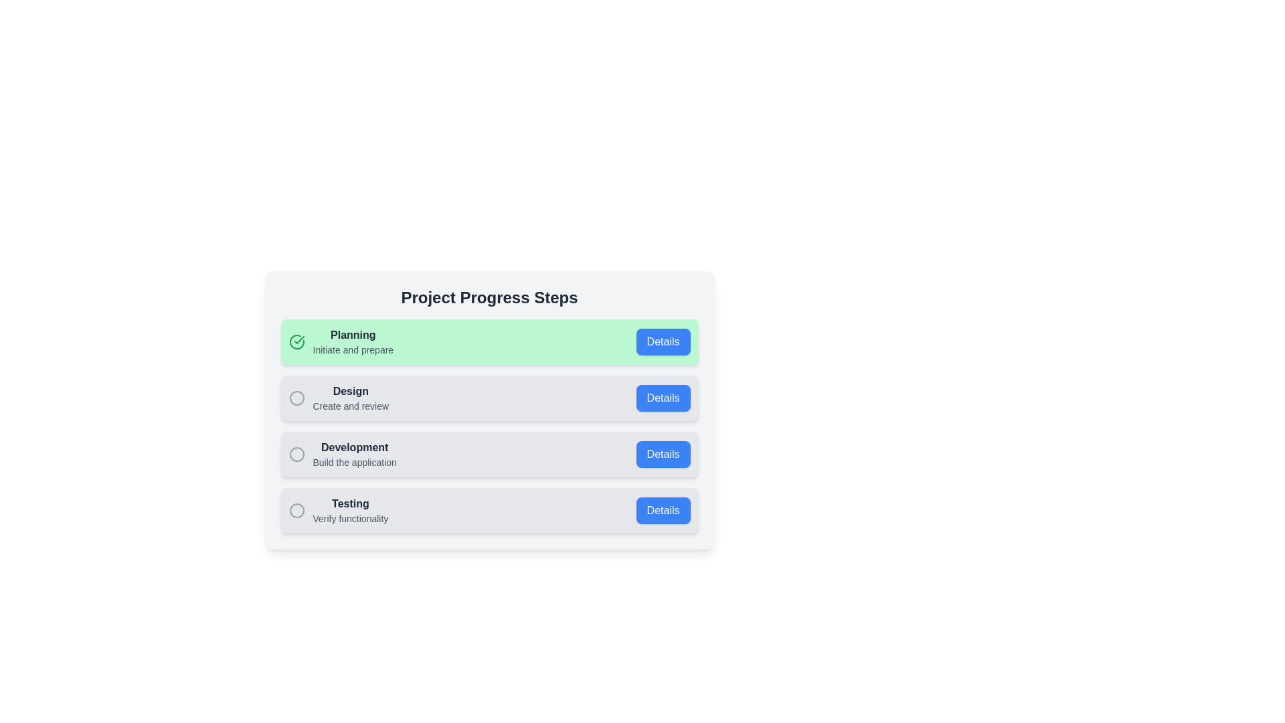  I want to click on 'Details' button for the Development step, so click(663, 453).